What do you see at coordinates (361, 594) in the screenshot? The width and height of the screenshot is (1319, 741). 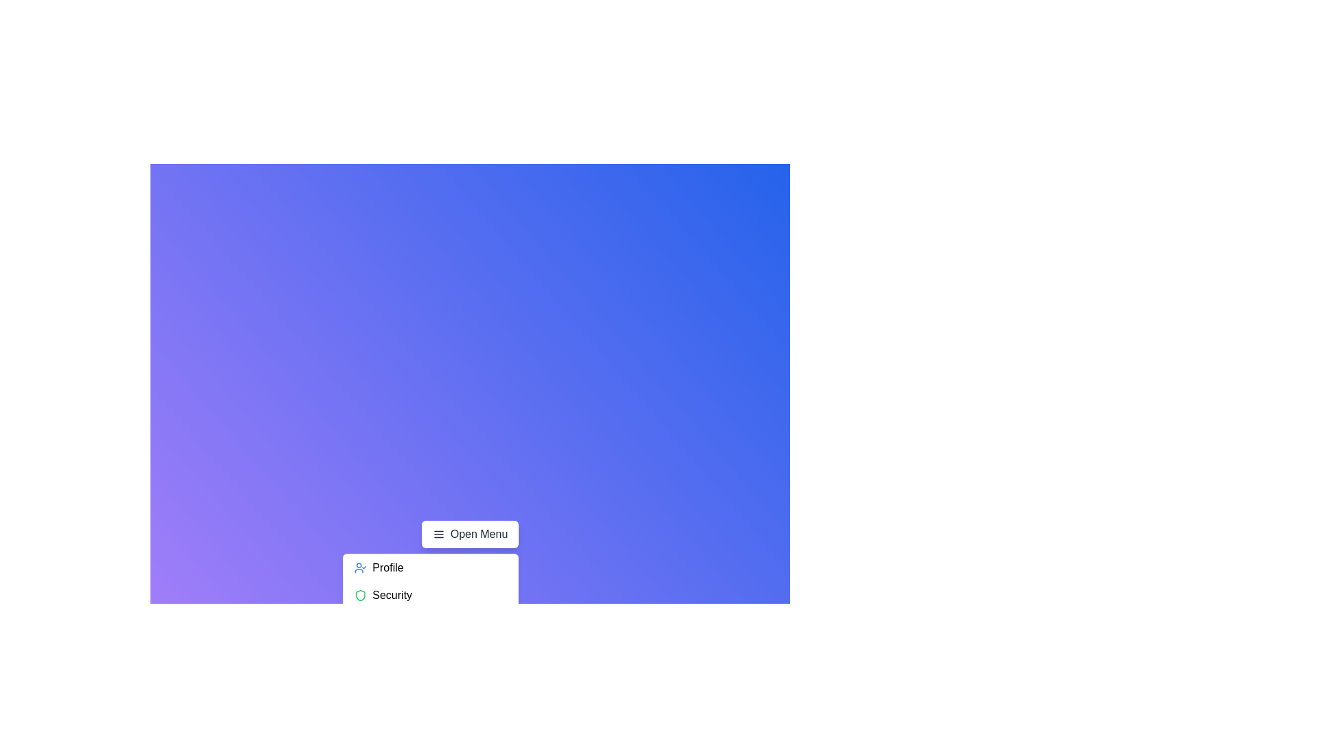 I see `the icon next to the menu item labeled Security` at bounding box center [361, 594].